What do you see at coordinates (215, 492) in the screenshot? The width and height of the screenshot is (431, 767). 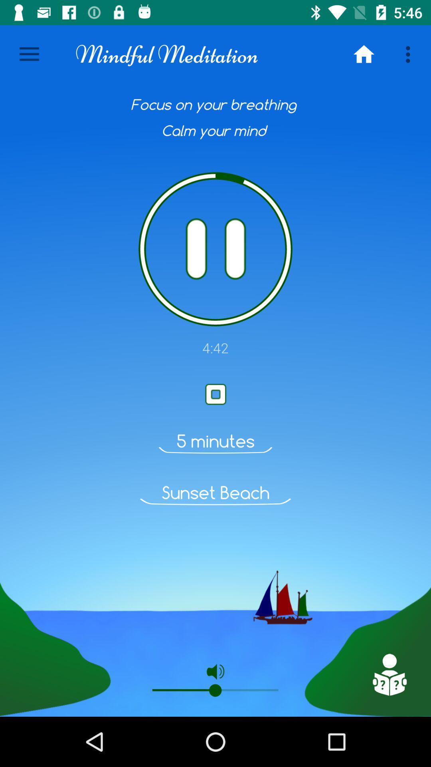 I see `sunset beach` at bounding box center [215, 492].